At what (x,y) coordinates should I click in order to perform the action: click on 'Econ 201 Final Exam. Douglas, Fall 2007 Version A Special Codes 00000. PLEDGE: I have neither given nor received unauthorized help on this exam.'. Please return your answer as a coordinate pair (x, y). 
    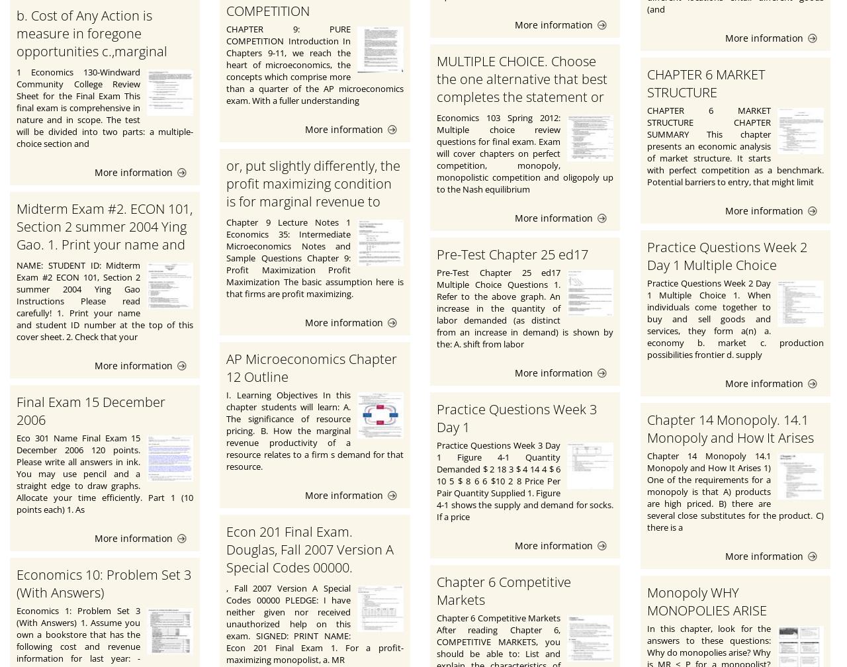
    Looking at the image, I should click on (311, 576).